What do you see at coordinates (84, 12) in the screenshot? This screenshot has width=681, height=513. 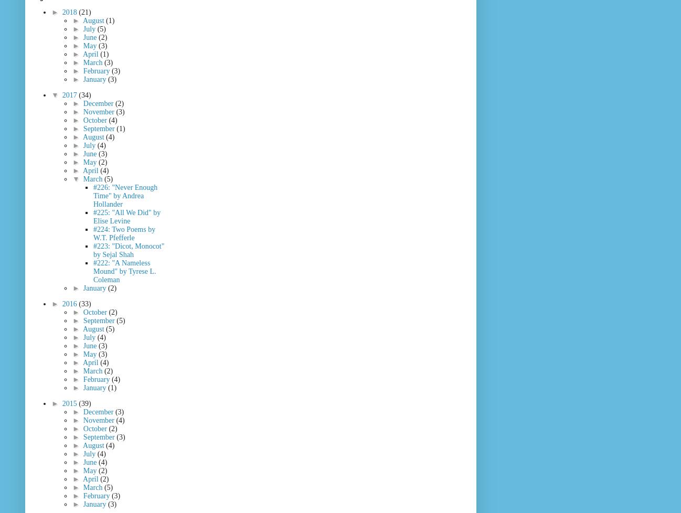 I see `'(21)'` at bounding box center [84, 12].